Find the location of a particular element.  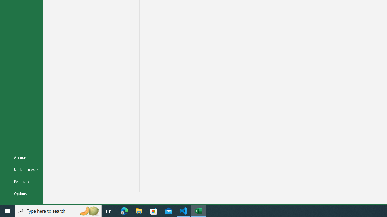

'Start' is located at coordinates (7, 210).